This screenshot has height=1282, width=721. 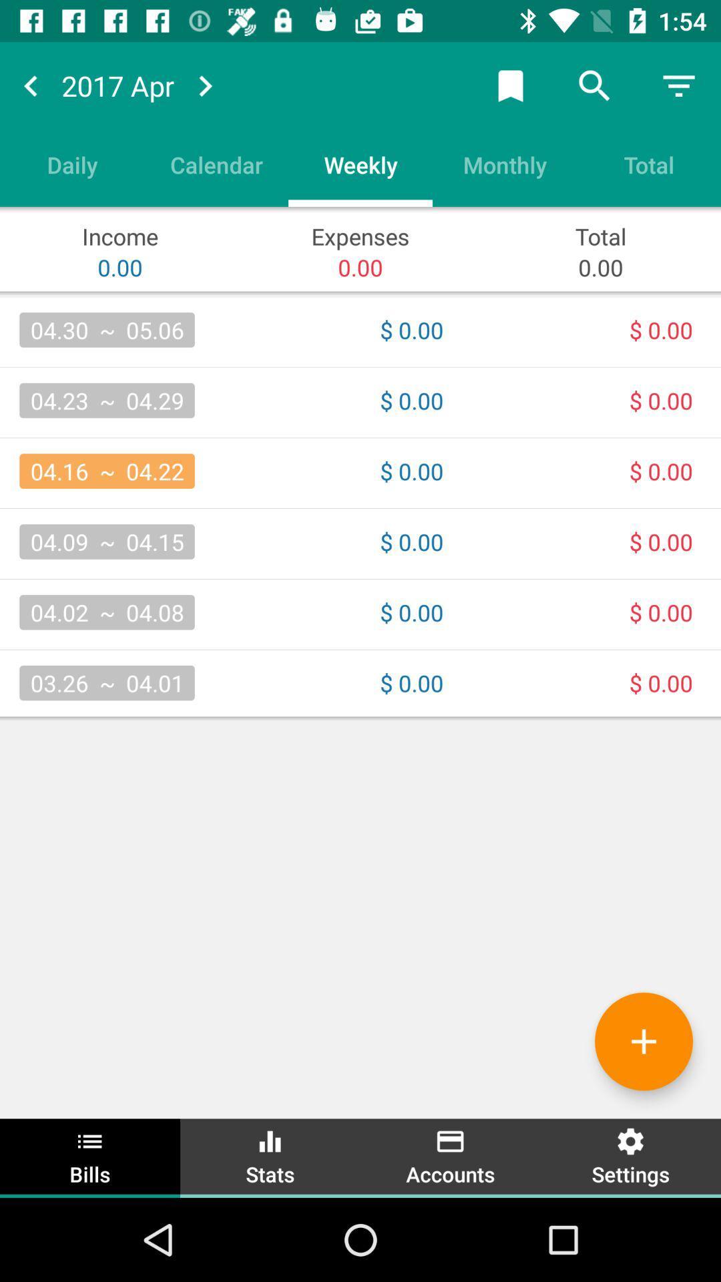 What do you see at coordinates (72, 164) in the screenshot?
I see `daily icon` at bounding box center [72, 164].